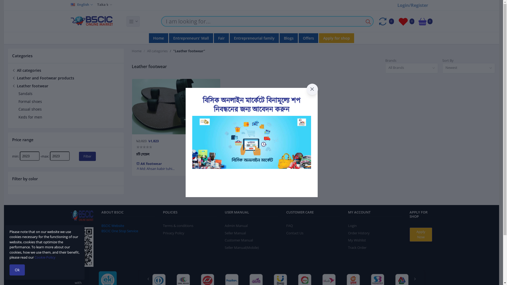  I want to click on 'Home', so click(132, 51).